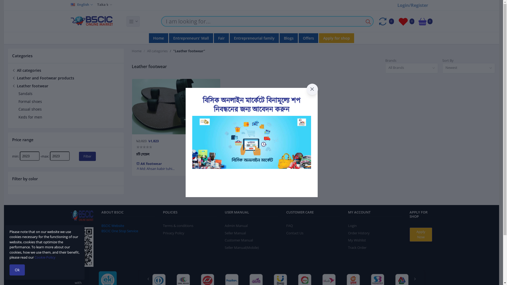  I want to click on 'Home', so click(132, 51).